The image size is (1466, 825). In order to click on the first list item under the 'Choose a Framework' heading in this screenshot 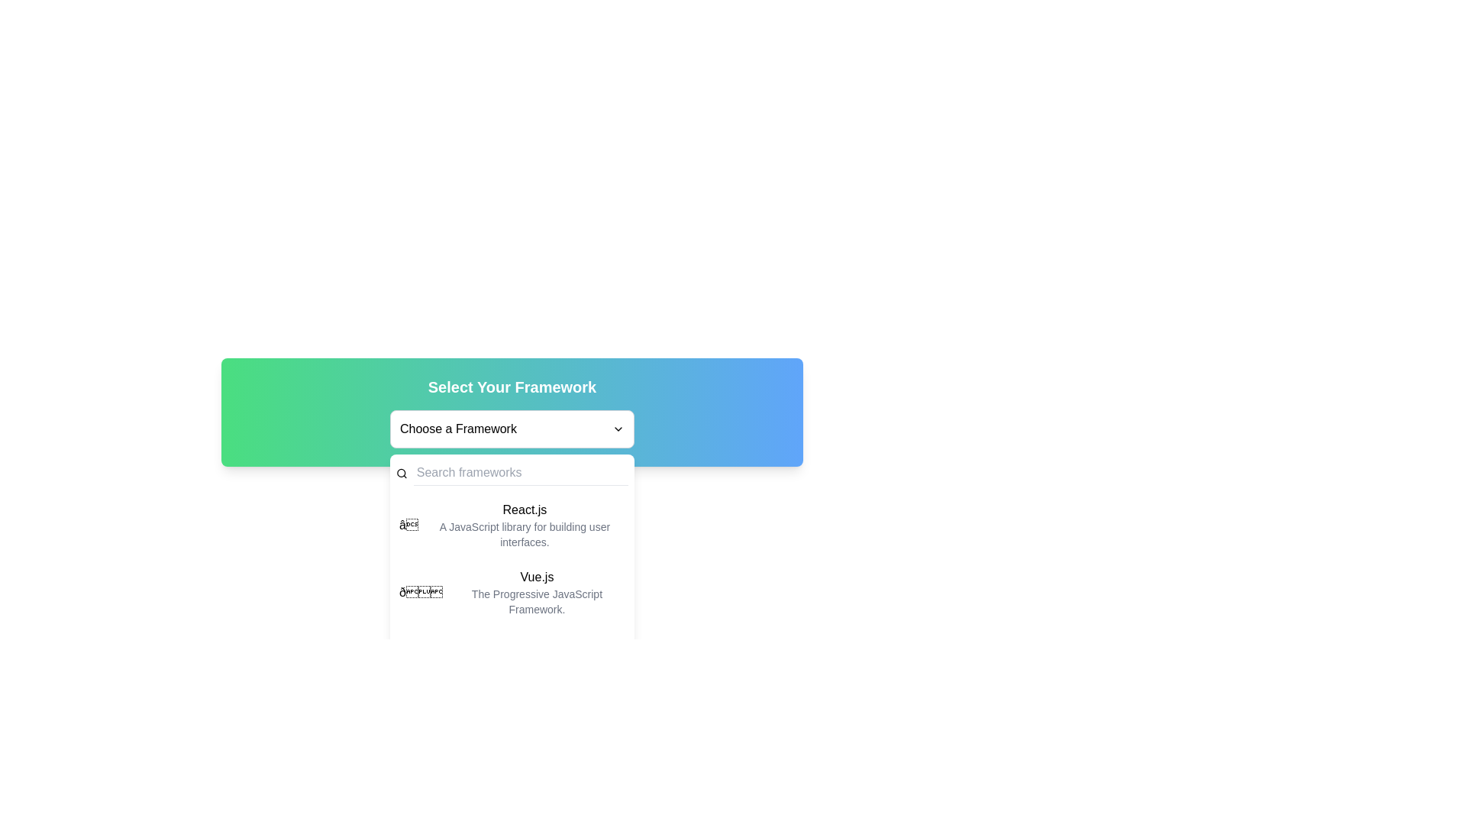, I will do `click(512, 524)`.